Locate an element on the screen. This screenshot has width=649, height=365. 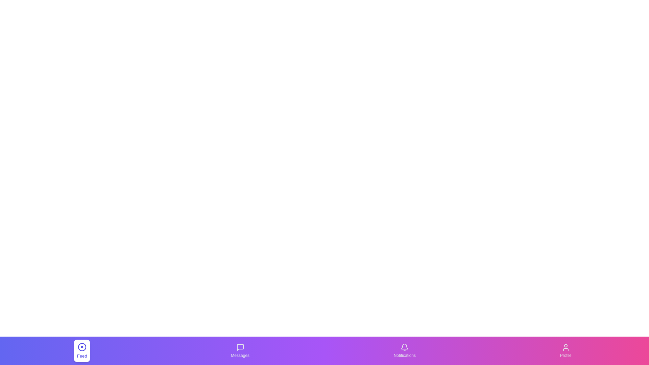
the Messages tab by clicking on the respective tab button is located at coordinates (240, 350).